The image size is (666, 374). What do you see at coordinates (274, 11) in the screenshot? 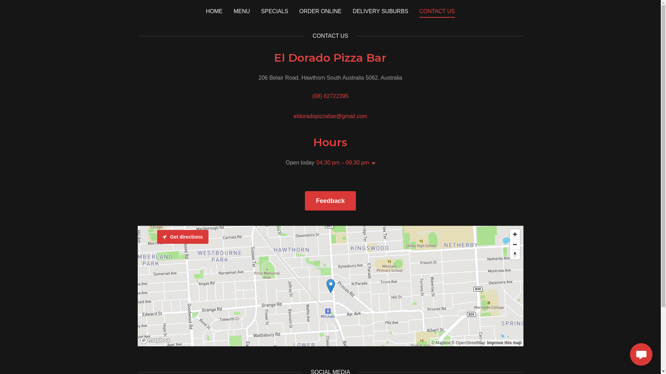
I see `'SPECIALS'` at bounding box center [274, 11].